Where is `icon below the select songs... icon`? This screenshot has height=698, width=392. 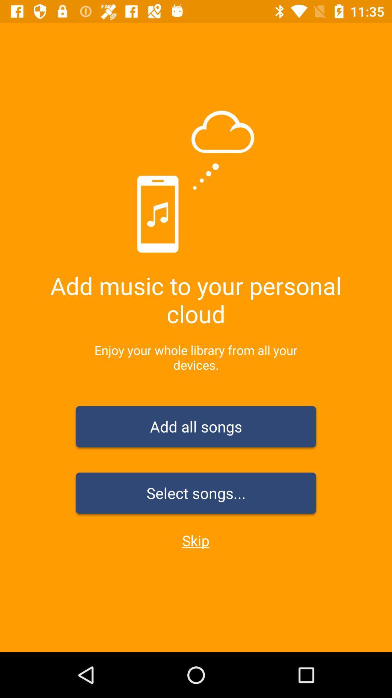 icon below the select songs... icon is located at coordinates (195, 540).